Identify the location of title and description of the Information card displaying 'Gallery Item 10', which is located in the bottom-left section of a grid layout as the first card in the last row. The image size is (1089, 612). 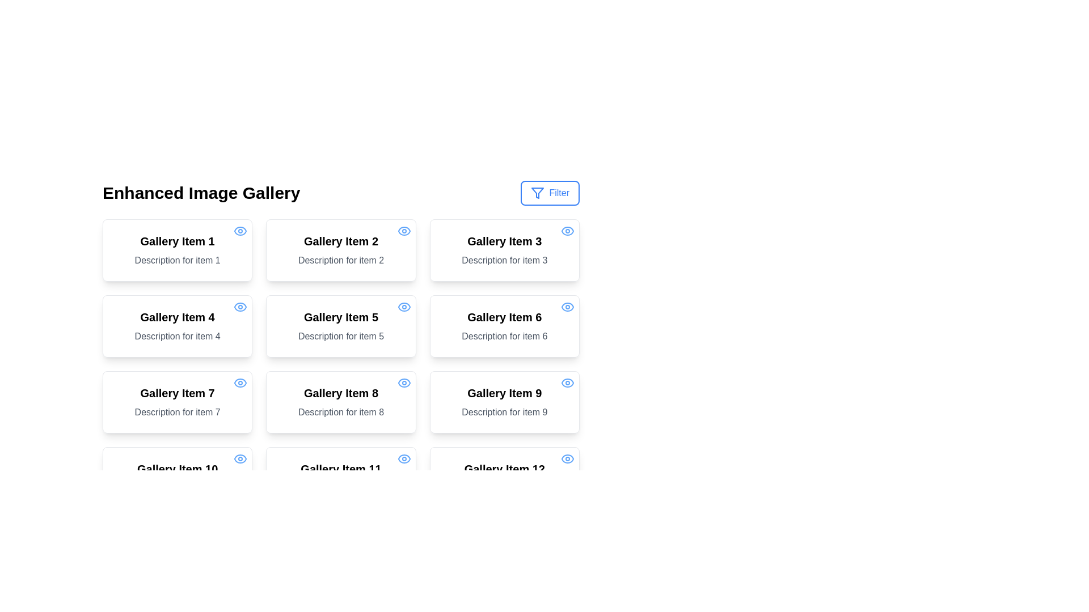
(177, 478).